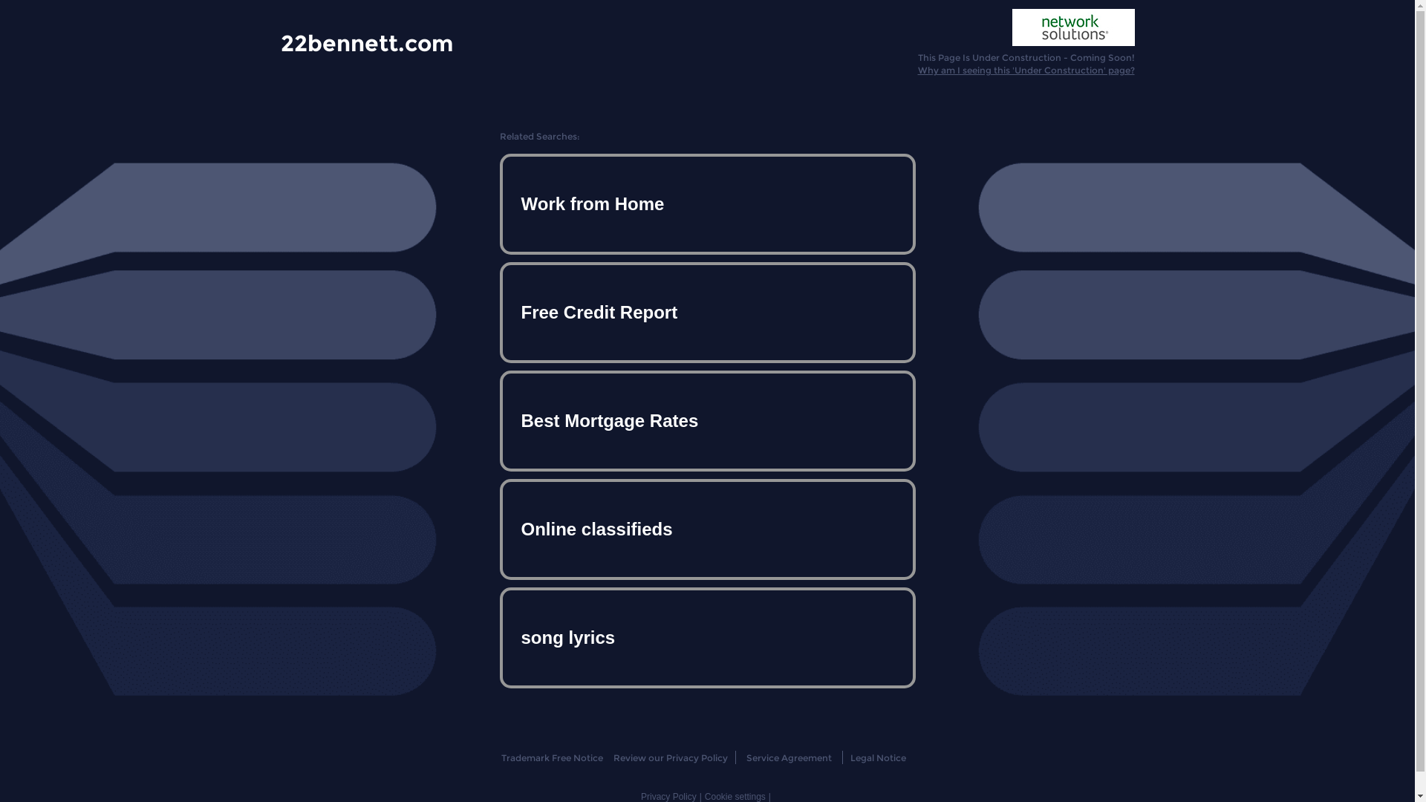  I want to click on 'Legal Notice', so click(850, 757).